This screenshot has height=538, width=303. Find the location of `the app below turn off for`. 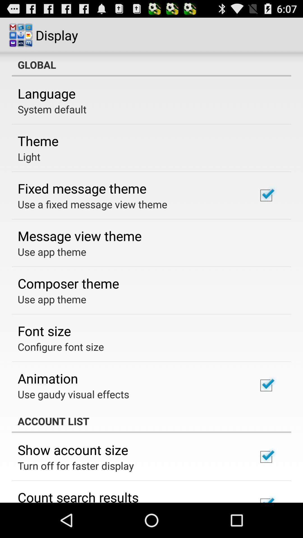

the app below turn off for is located at coordinates (78, 495).